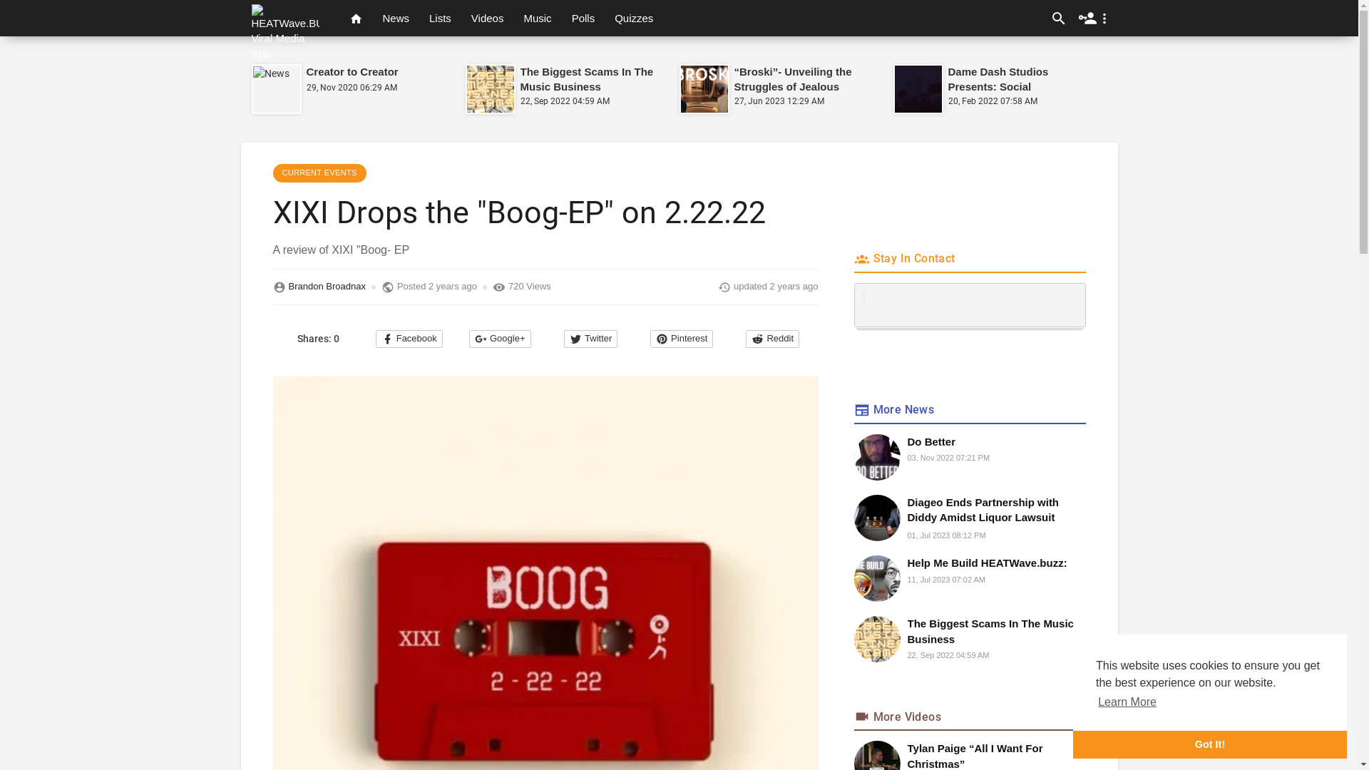 The width and height of the screenshot is (1369, 770). Describe the element at coordinates (352, 71) in the screenshot. I see `'Creator to Creator'` at that location.